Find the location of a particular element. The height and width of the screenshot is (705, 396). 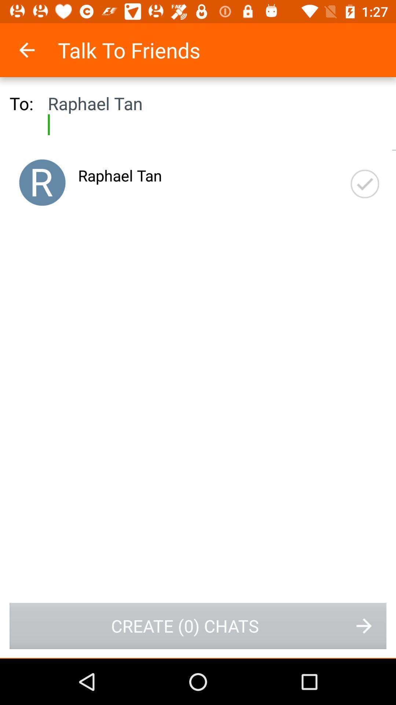

the item to the left of the raphael tan is located at coordinates (42, 182).